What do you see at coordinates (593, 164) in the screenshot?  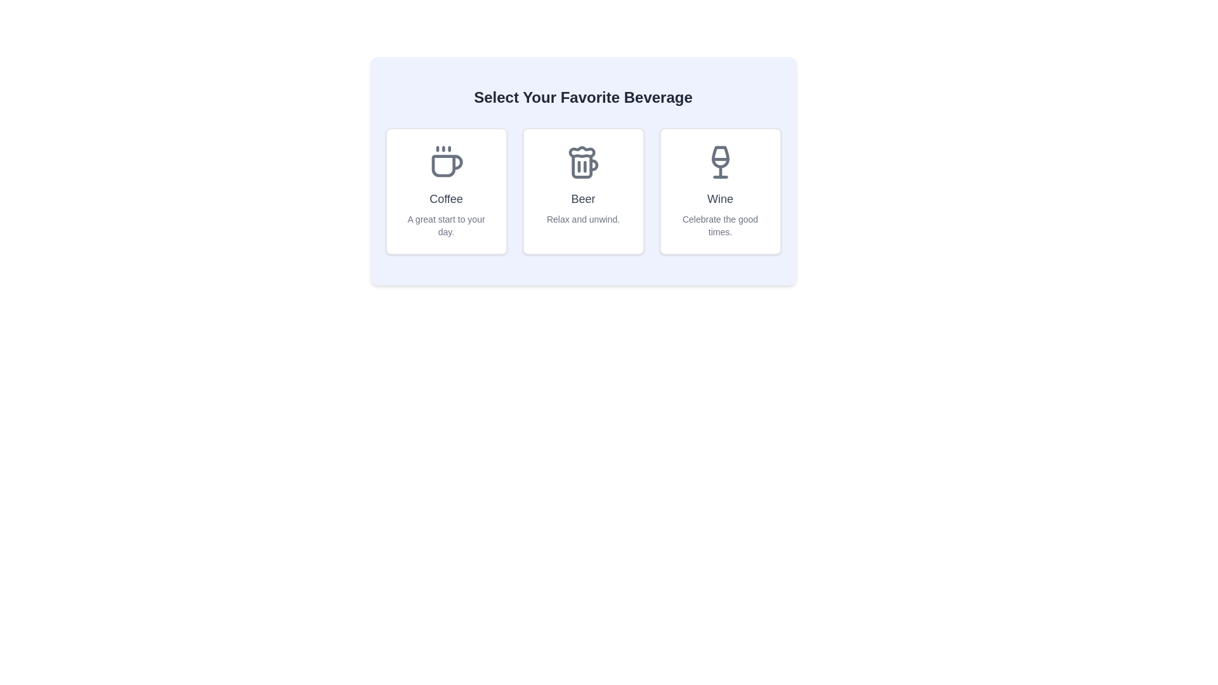 I see `the decorative graphical detail within the beer mug SVG icon in the beverage selection UI` at bounding box center [593, 164].